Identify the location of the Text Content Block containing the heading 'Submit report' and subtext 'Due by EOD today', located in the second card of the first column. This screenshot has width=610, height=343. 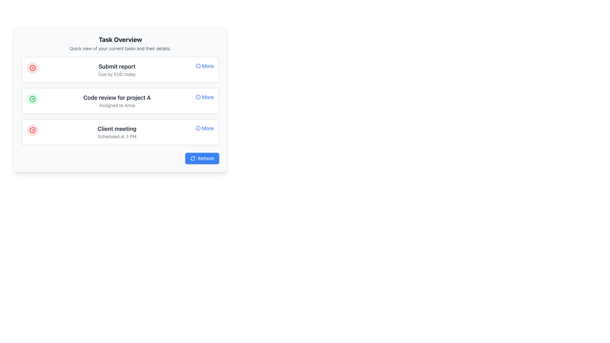
(117, 70).